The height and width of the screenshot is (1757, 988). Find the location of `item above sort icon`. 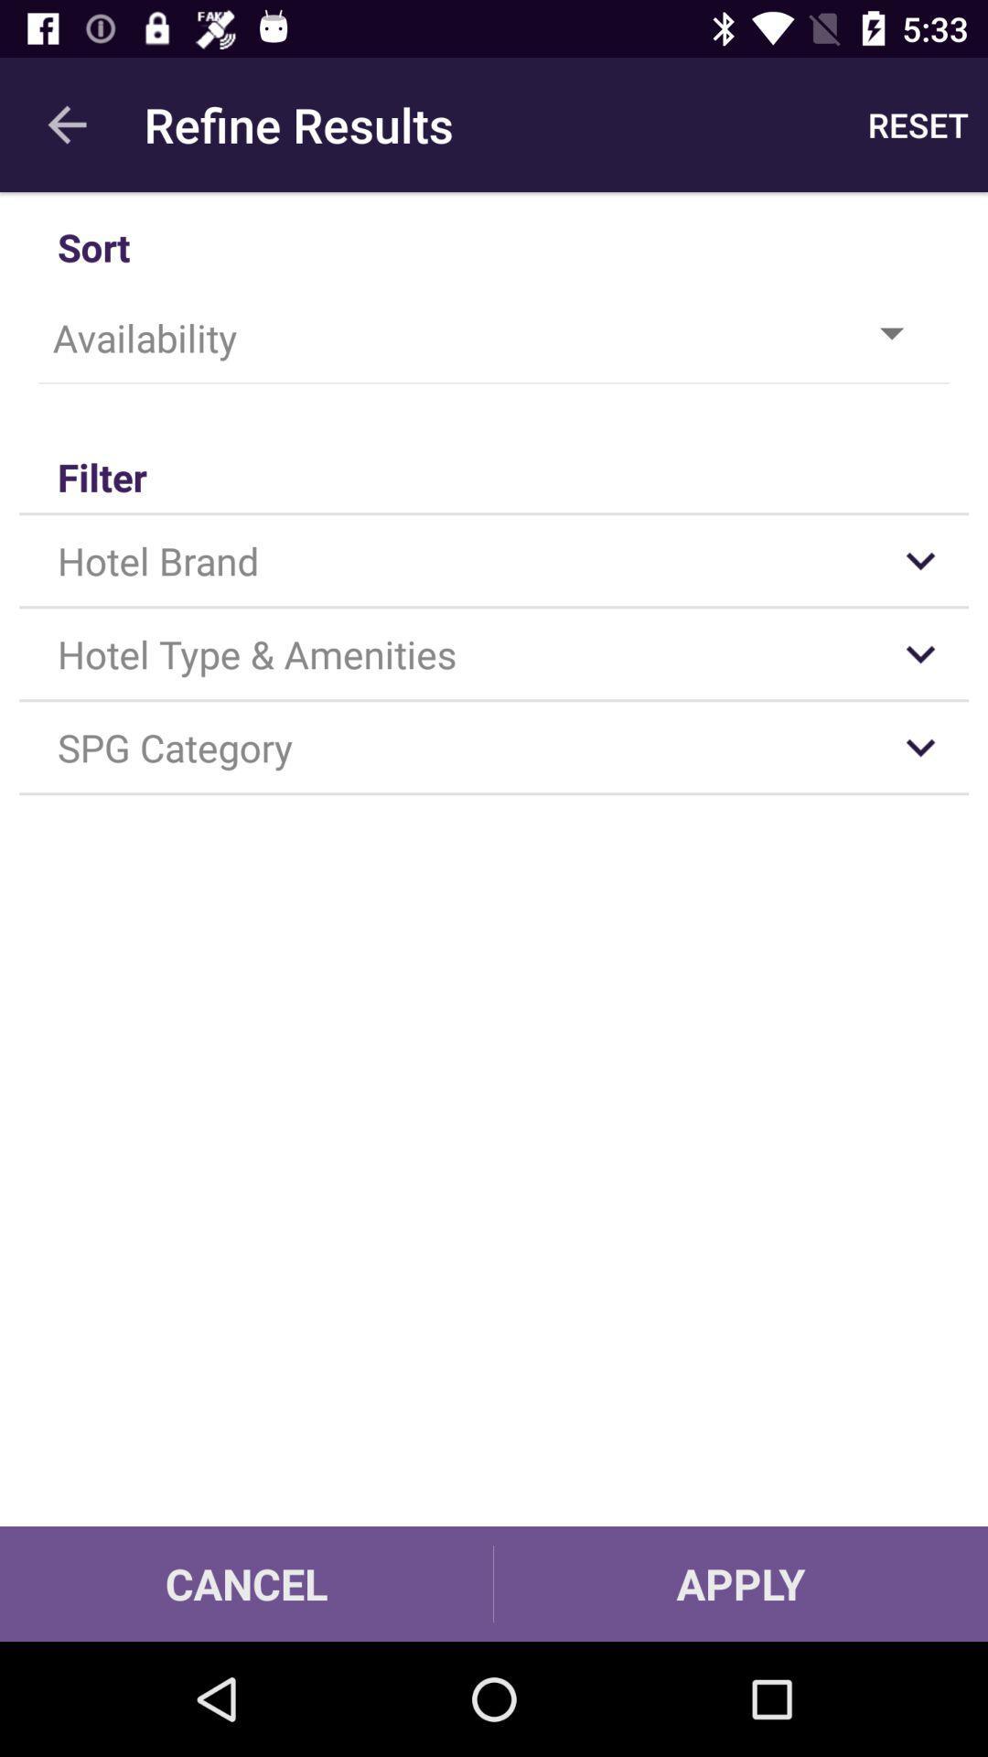

item above sort icon is located at coordinates (66, 124).